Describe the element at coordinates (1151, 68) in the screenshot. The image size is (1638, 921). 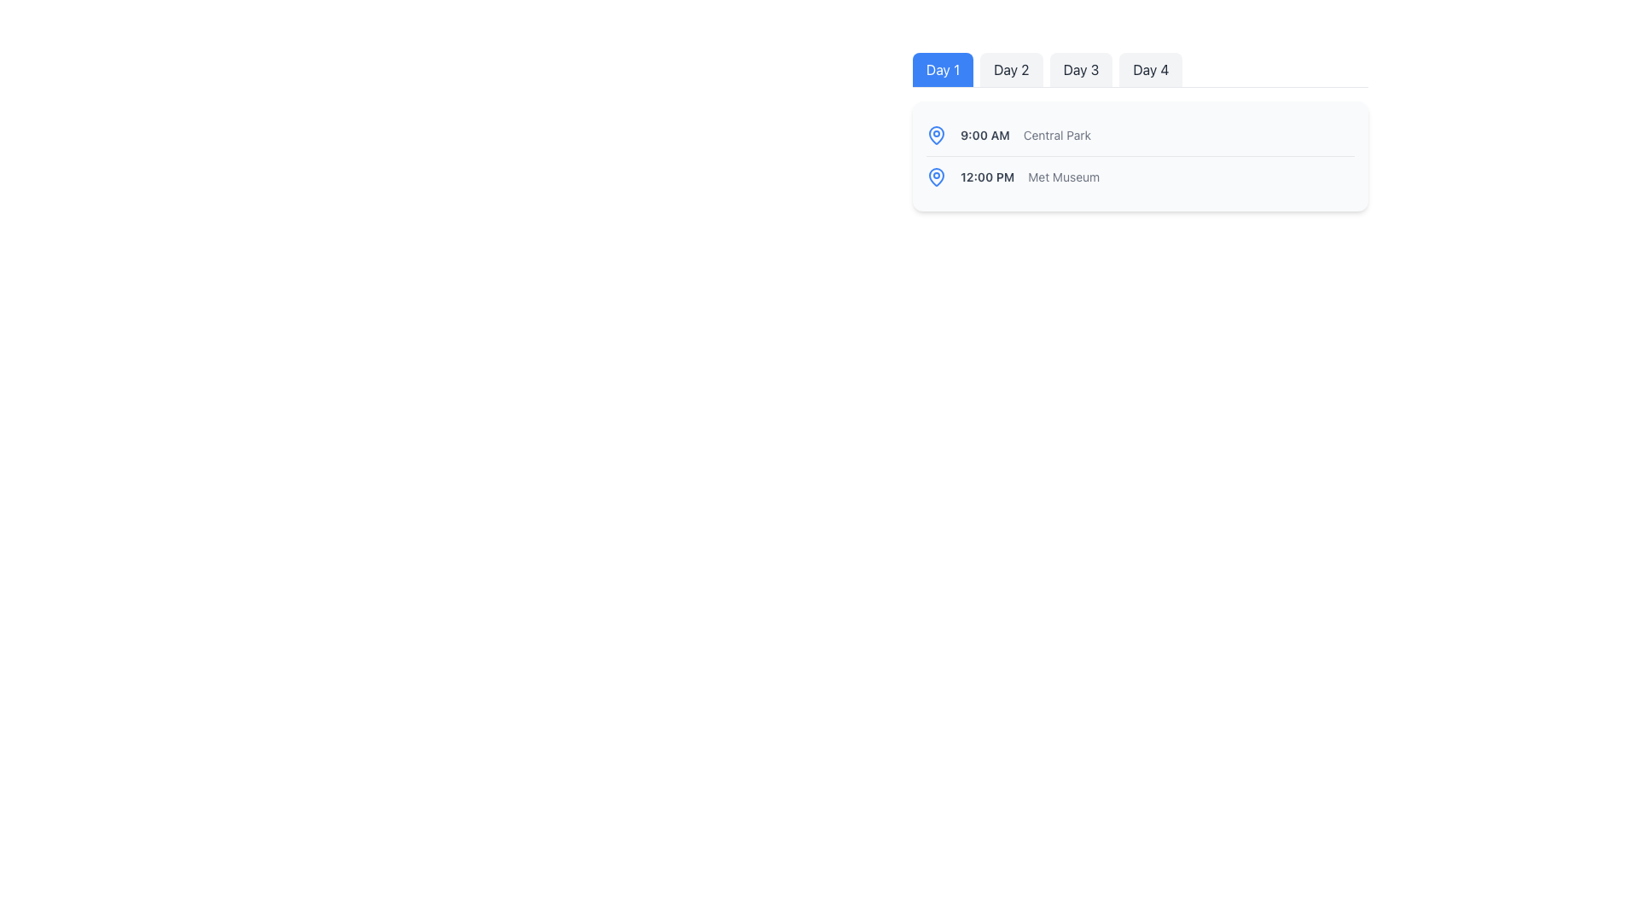
I see `the 'Day 4' tab button using keyboard navigation` at that location.